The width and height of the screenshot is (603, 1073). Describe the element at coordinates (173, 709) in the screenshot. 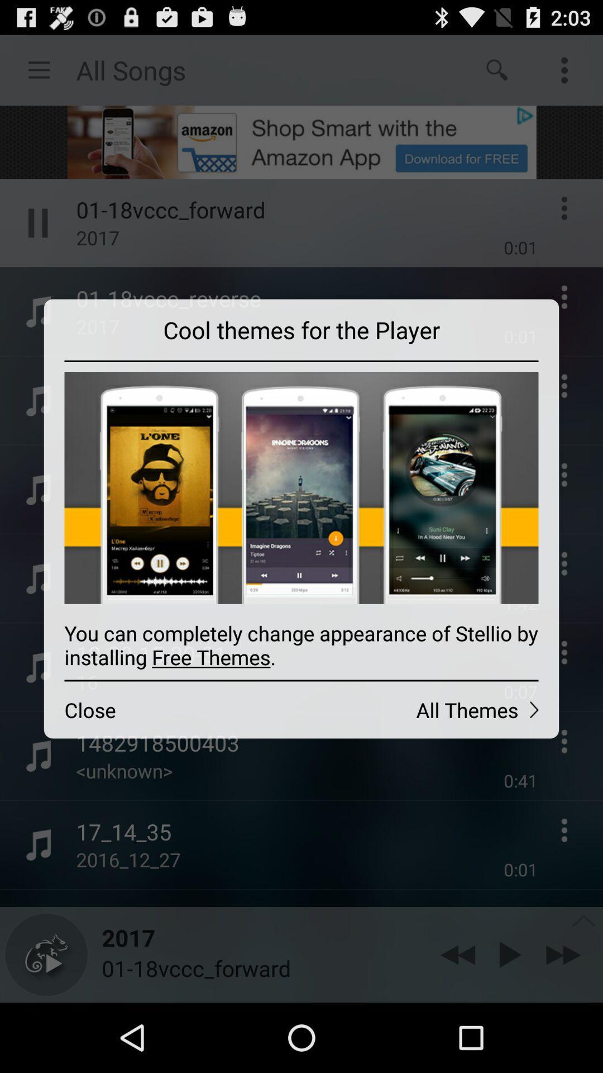

I see `icon next to the all themes` at that location.